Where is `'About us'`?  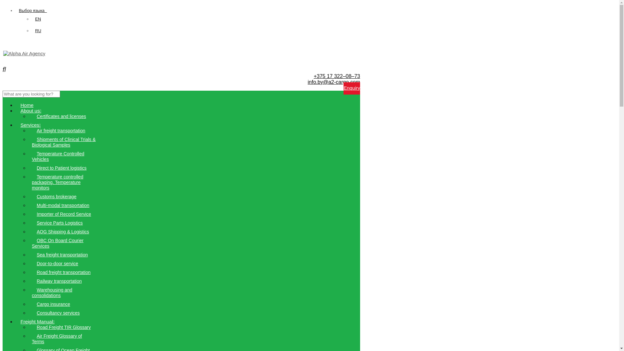 'About us' is located at coordinates (31, 110).